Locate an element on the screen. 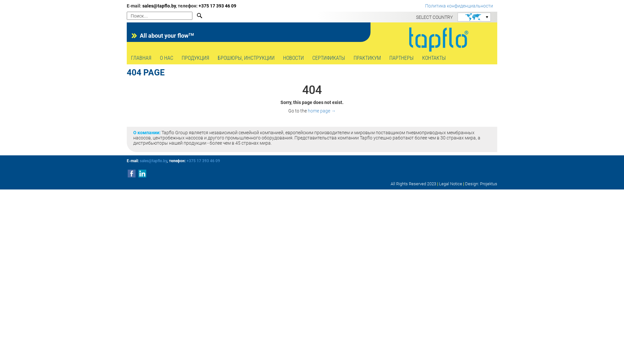 The image size is (624, 351). 'Search' is located at coordinates (195, 15).